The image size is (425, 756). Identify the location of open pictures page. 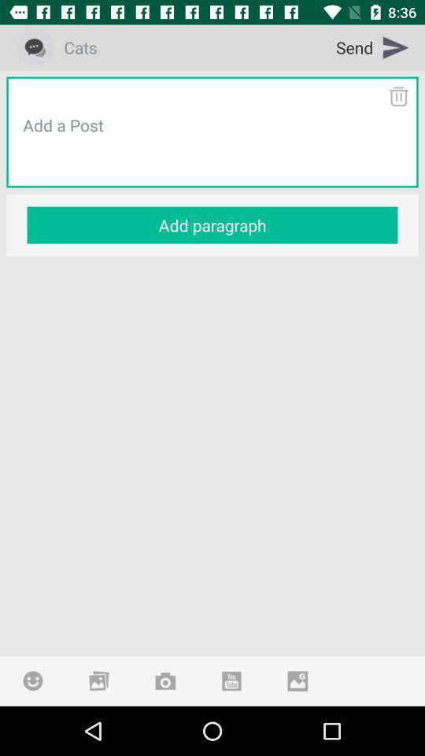
(98, 680).